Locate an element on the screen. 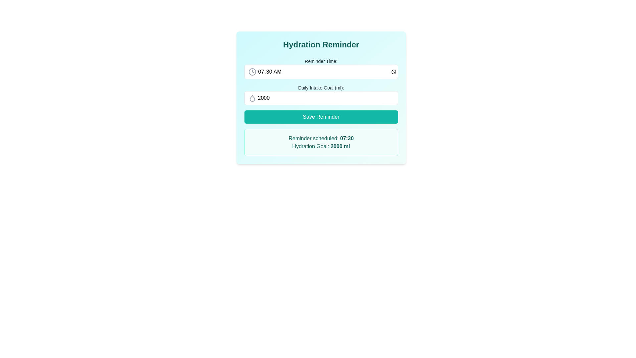 Image resolution: width=636 pixels, height=358 pixels. the large, bold title text element displaying 'Hydration Reminder', which is prominently positioned at the top of the content area is located at coordinates (321, 45).